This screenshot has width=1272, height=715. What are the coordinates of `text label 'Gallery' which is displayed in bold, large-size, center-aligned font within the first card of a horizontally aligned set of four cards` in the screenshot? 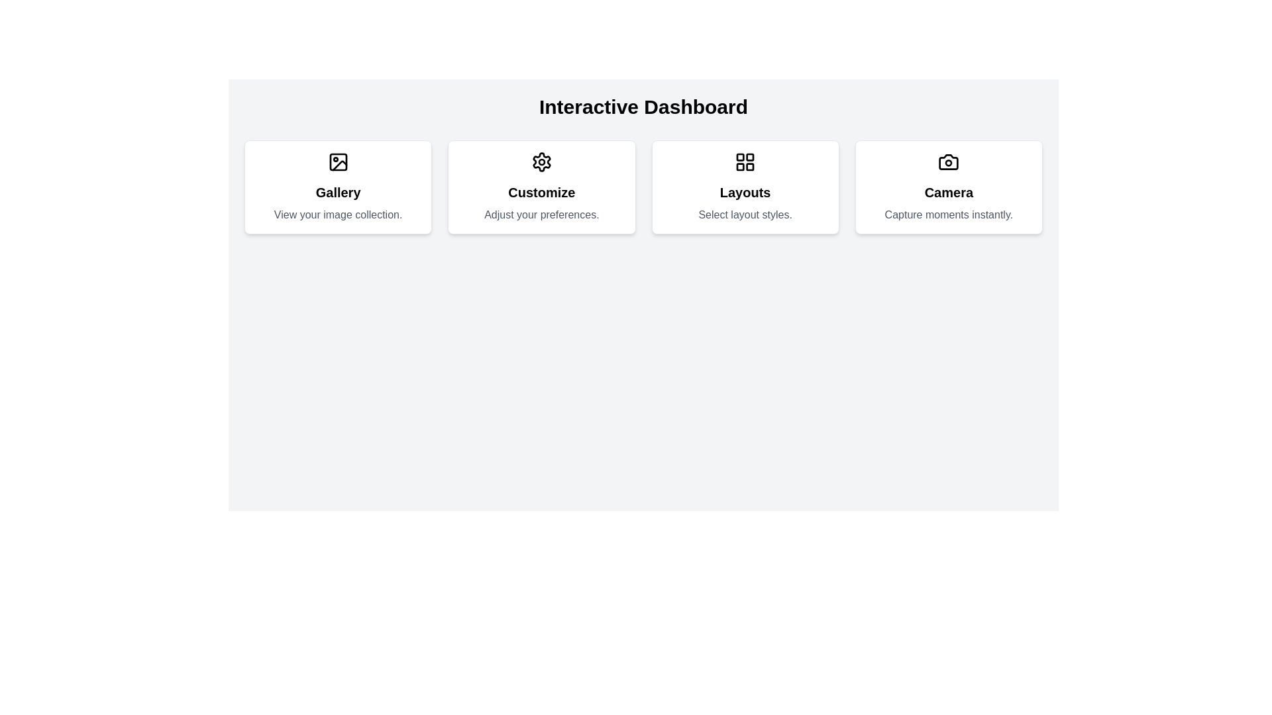 It's located at (338, 192).